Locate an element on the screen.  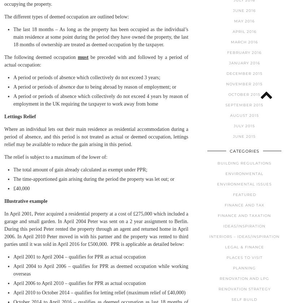
'Lettings Relief' is located at coordinates (20, 116).